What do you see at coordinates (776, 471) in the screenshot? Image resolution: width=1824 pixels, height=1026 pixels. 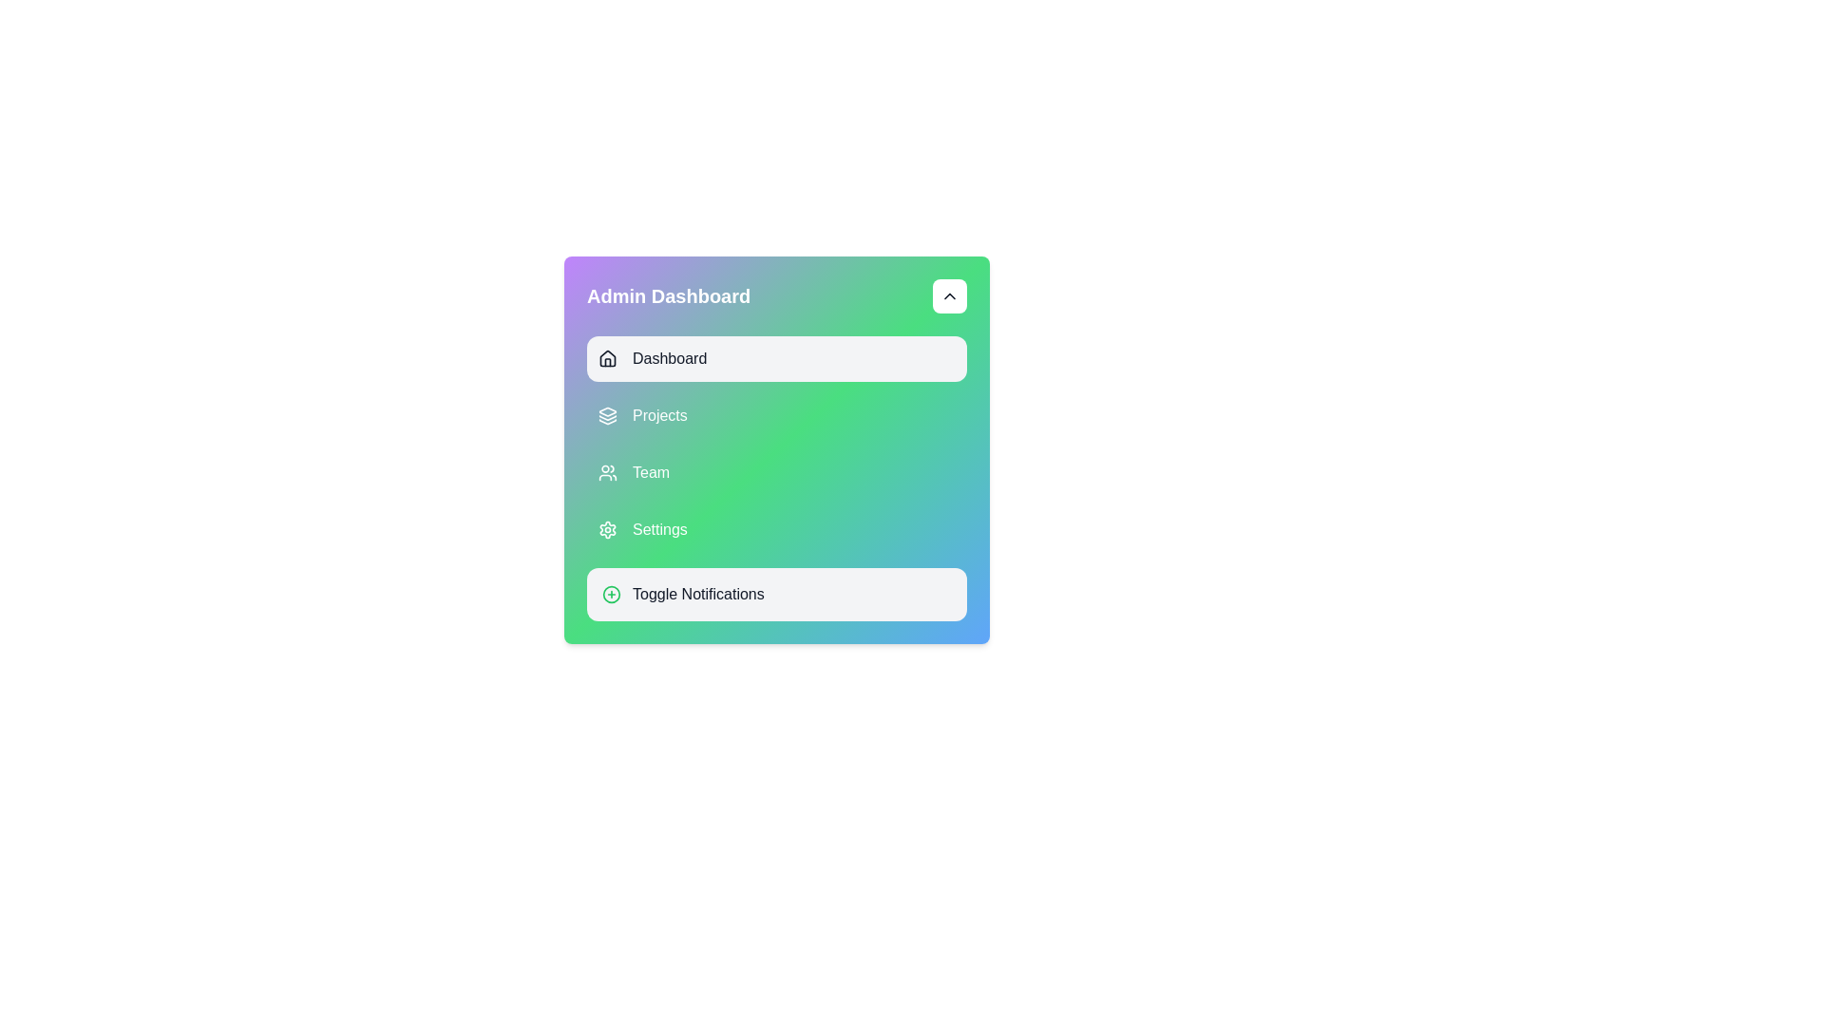 I see `the 'Team' navigation button, which is the third item` at bounding box center [776, 471].